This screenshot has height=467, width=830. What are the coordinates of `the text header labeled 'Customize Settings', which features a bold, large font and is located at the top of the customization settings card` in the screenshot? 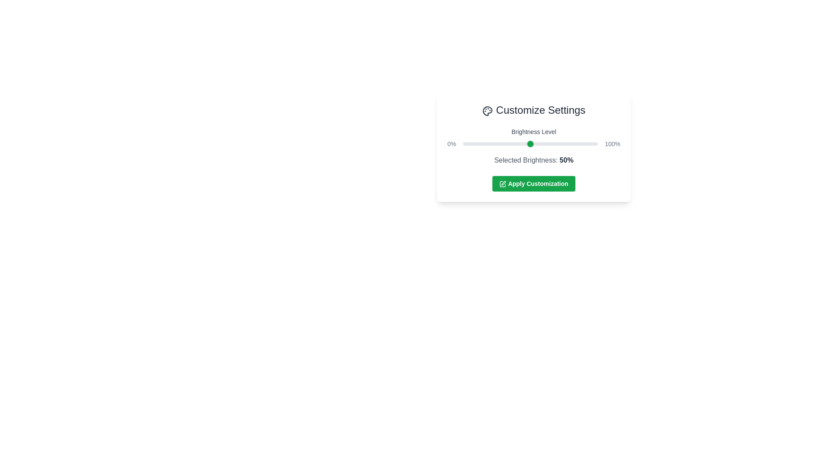 It's located at (533, 109).